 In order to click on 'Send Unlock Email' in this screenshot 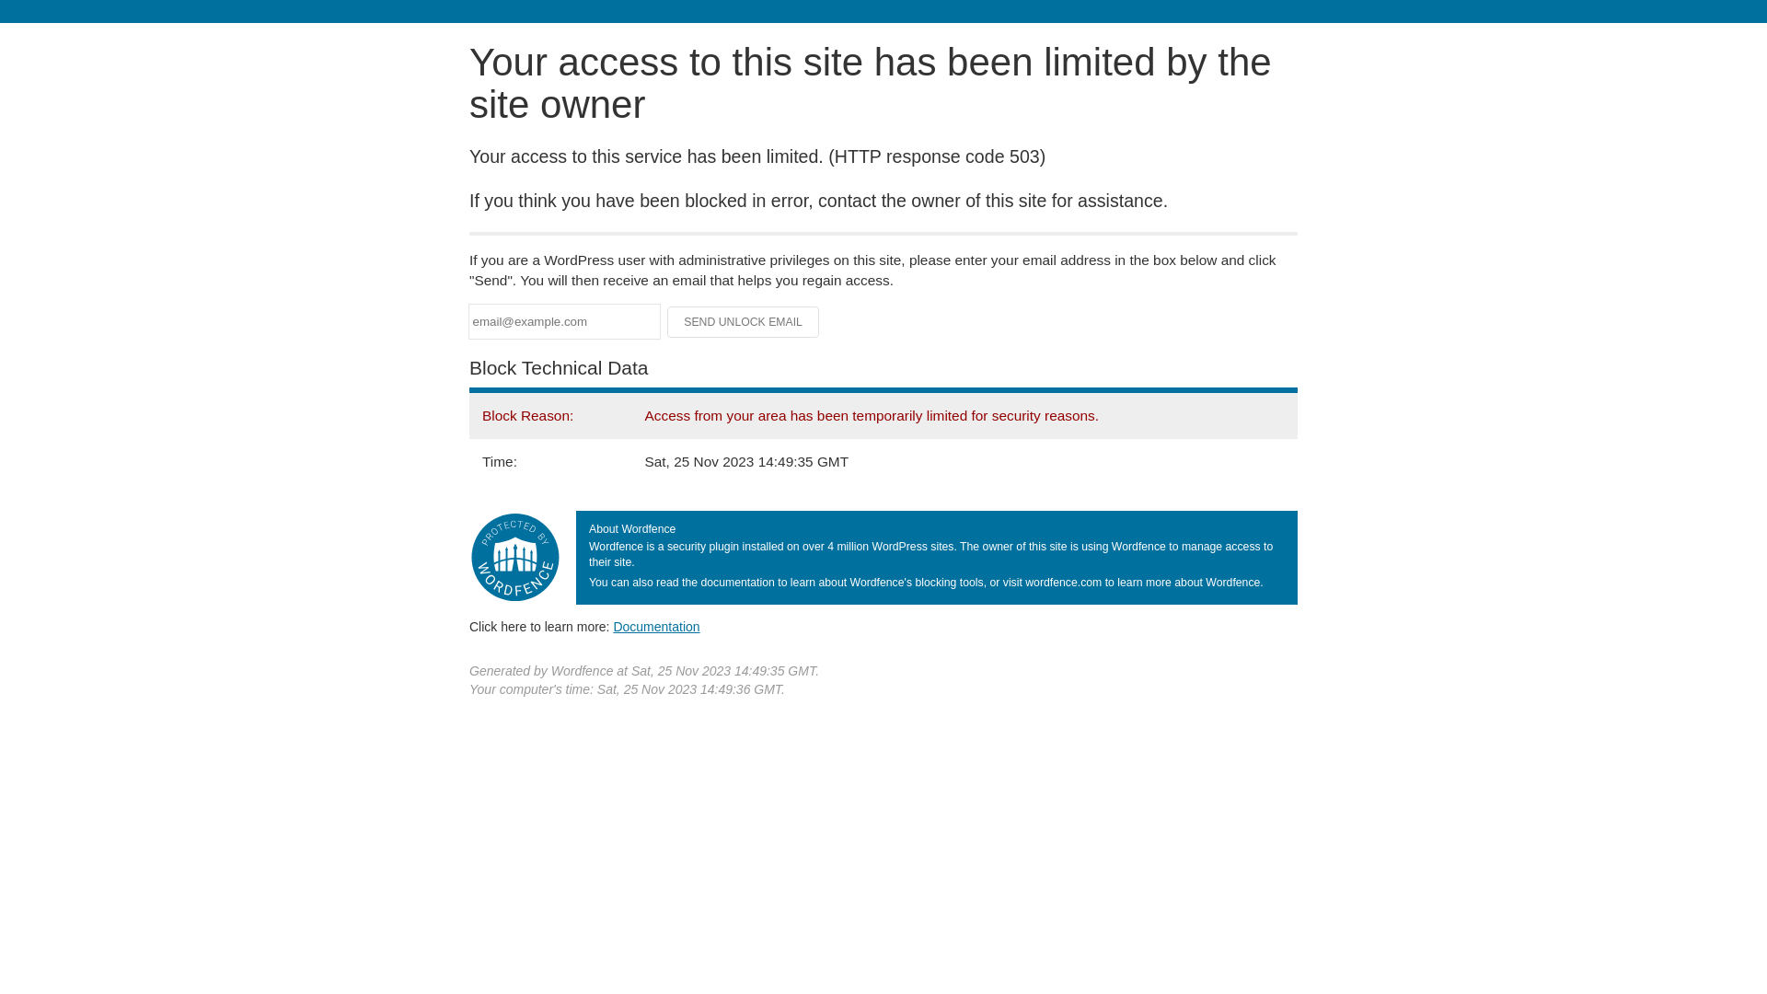, I will do `click(743, 321)`.